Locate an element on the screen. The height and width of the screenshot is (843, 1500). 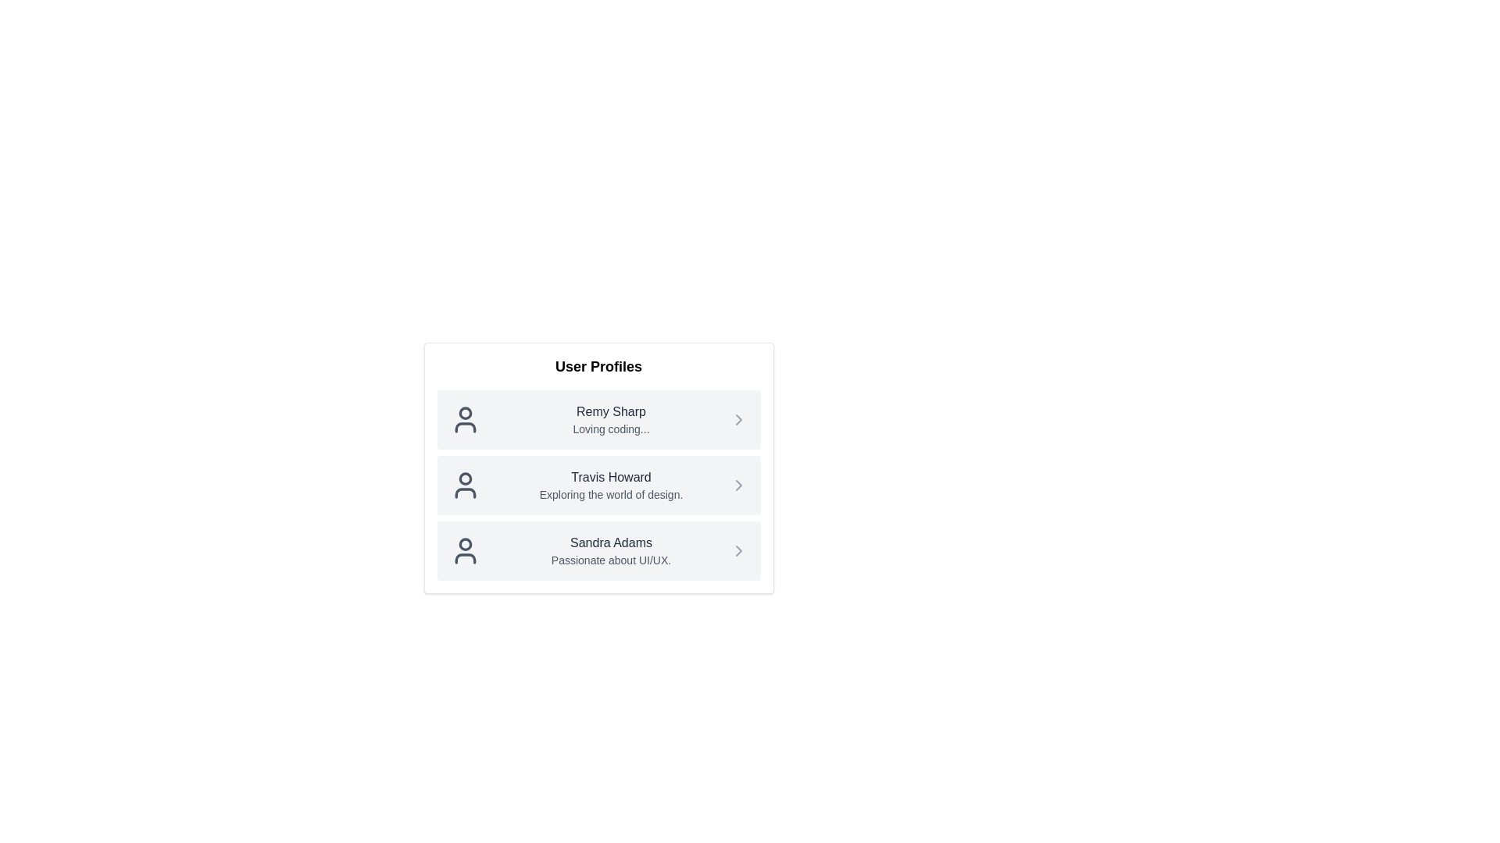
the descriptive subtitle or short bio text for the user named 'Travis Howard', which is located directly below the name in the User Profiles section is located at coordinates (610, 494).